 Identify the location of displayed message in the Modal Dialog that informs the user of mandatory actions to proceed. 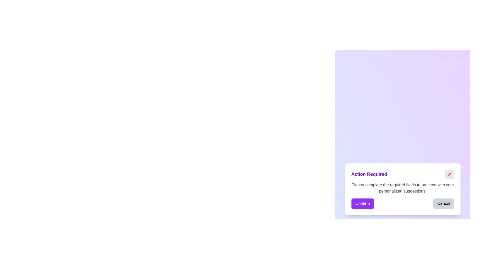
(402, 189).